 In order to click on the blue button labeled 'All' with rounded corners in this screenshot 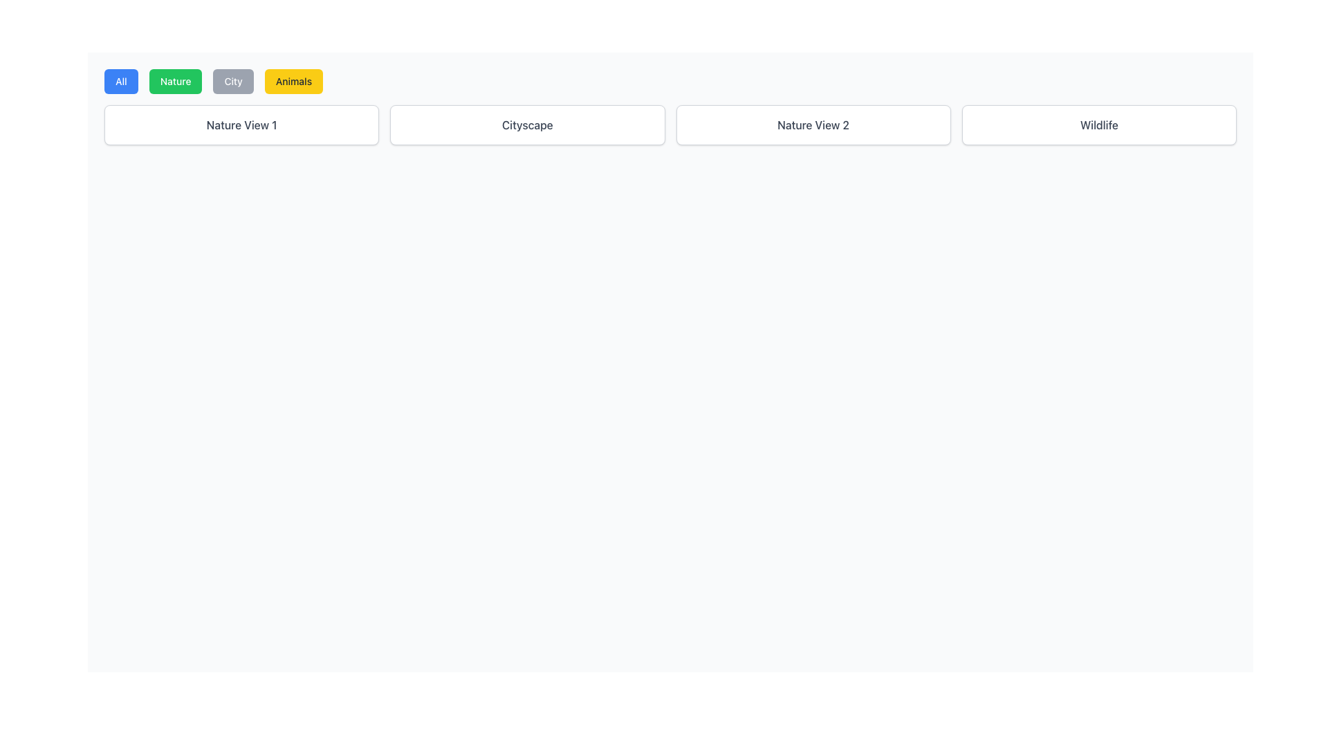, I will do `click(121, 82)`.